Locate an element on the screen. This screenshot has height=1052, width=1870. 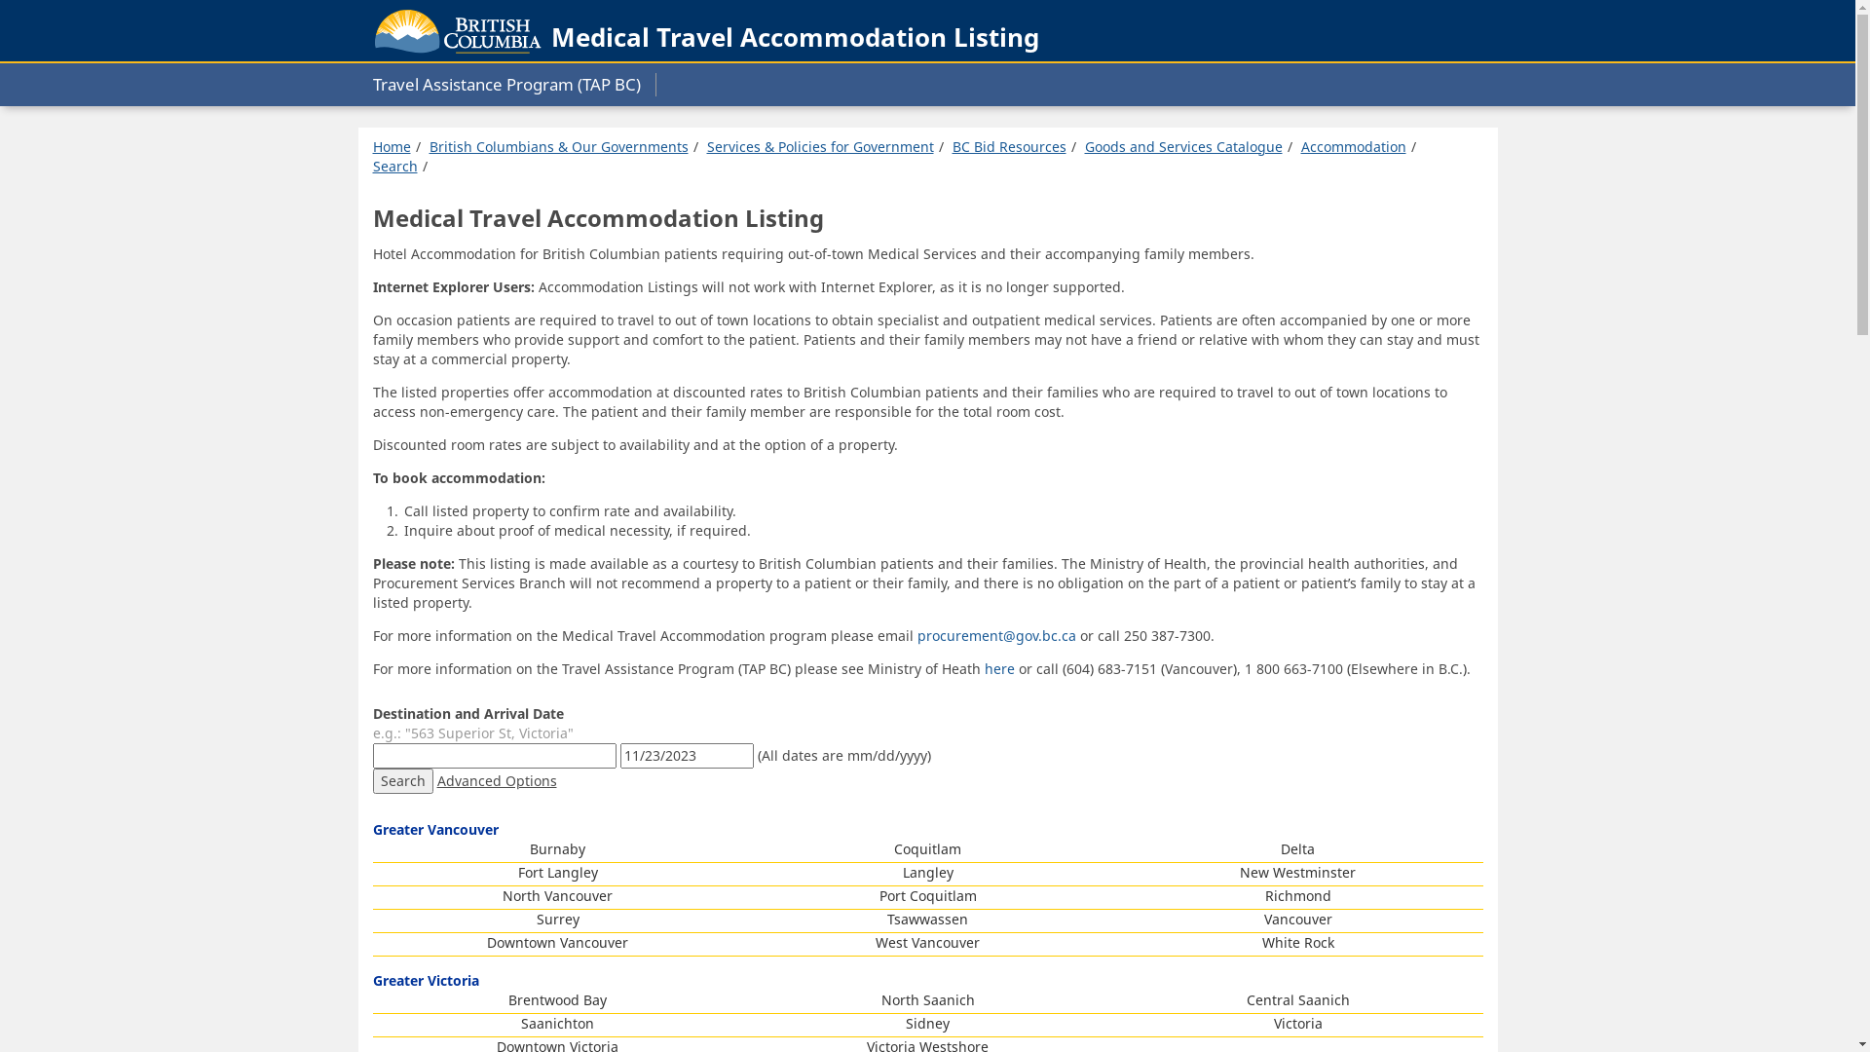
'Search' is located at coordinates (400, 780).